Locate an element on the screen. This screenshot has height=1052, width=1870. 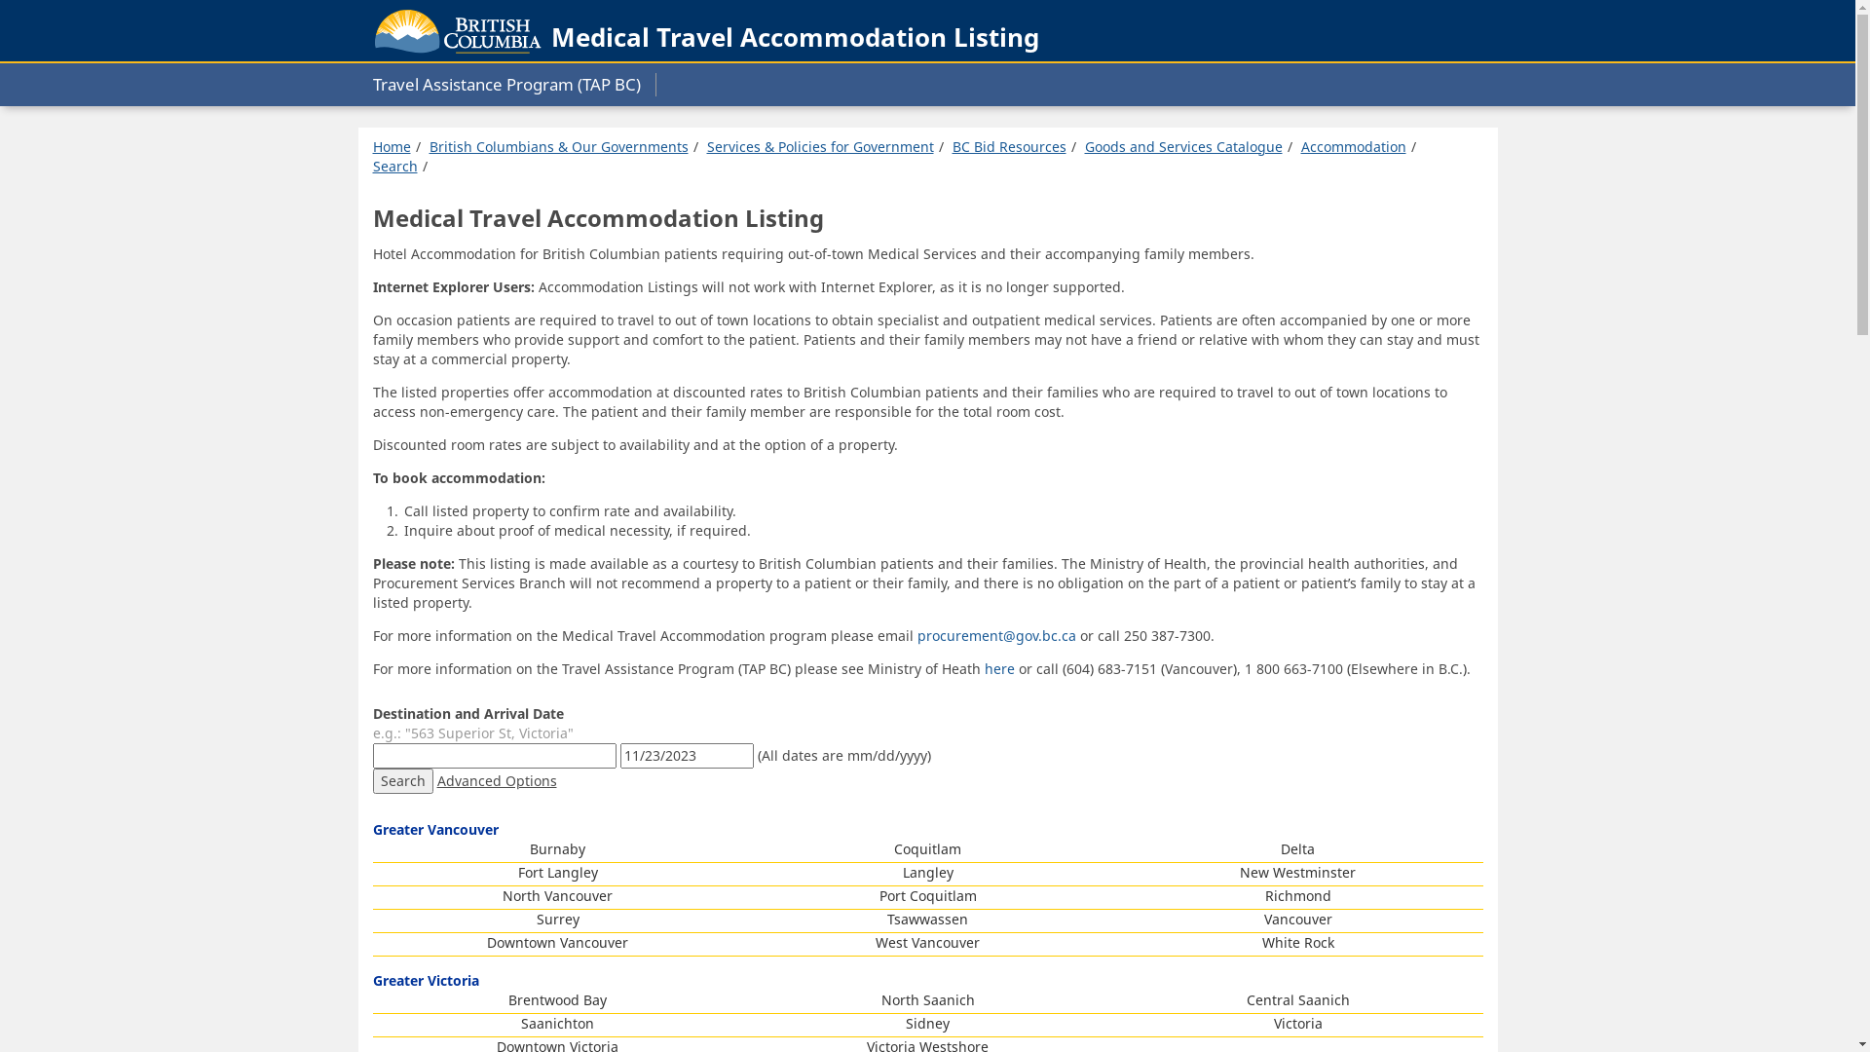
'Search' is located at coordinates (400, 780).